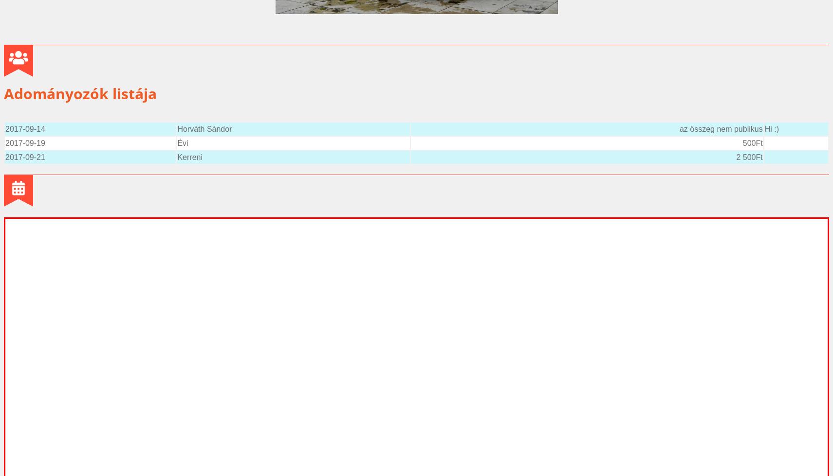  Describe the element at coordinates (189, 157) in the screenshot. I see `'Kerreni'` at that location.